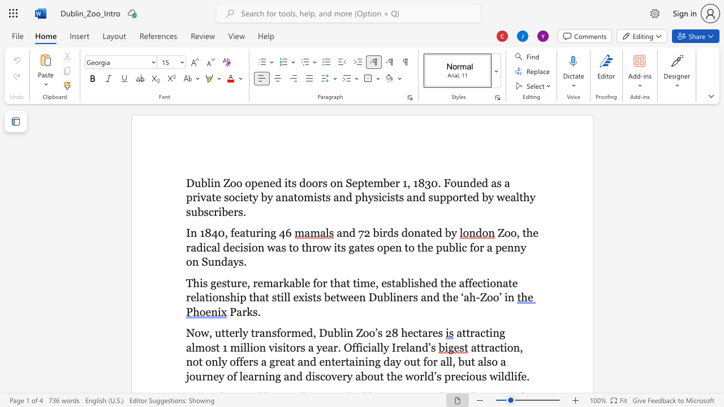 This screenshot has height=407, width=724. I want to click on the 1th character "a" in the text, so click(398, 282).